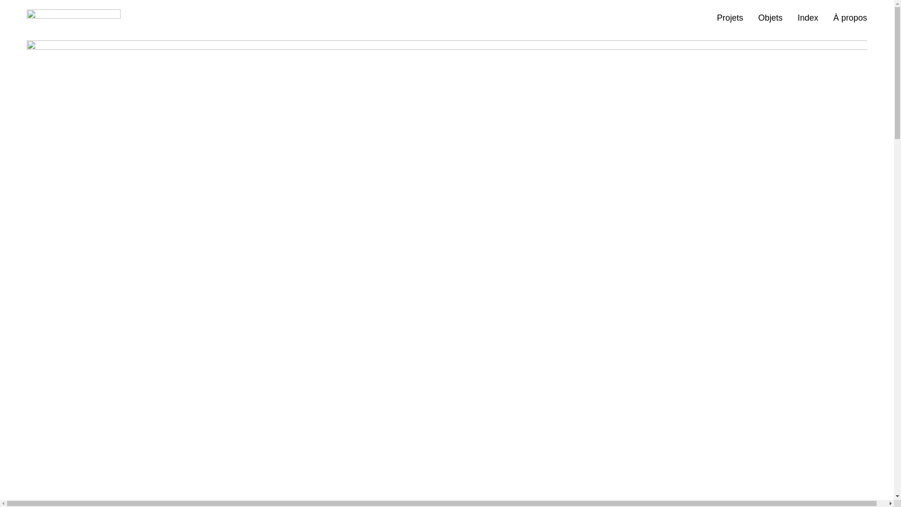 This screenshot has height=507, width=901. What do you see at coordinates (729, 18) in the screenshot?
I see `'Projets'` at bounding box center [729, 18].